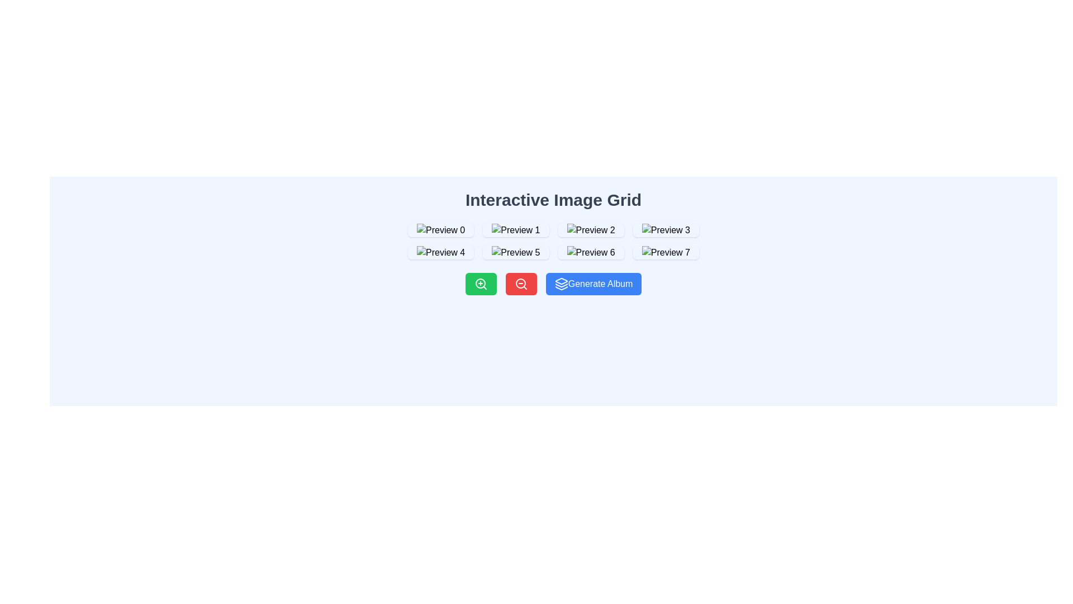  I want to click on the 'Zoom Out' icon located inside the red, rounded rectangular button positioned centrally below the row of image previews to zoom out, so click(520, 284).